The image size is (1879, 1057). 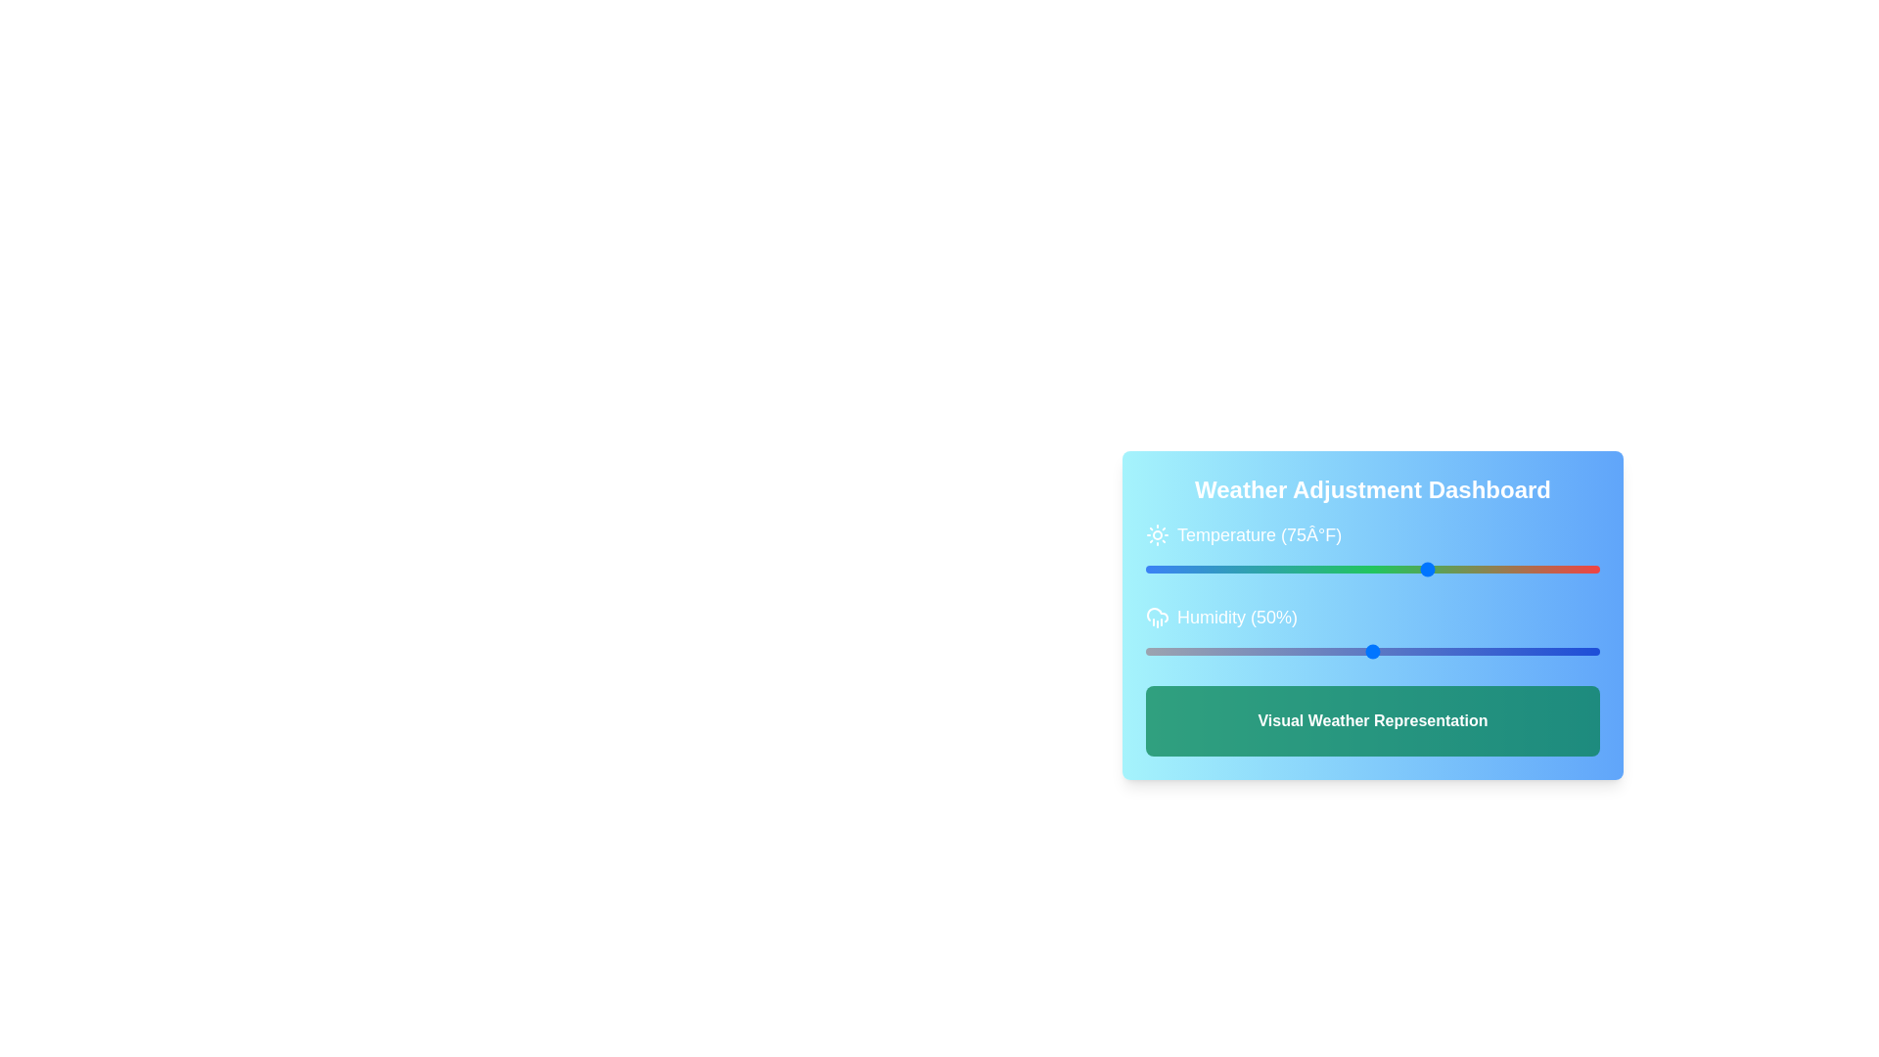 What do you see at coordinates (1466, 570) in the screenshot?
I see `the temperature slider to 91 degrees Fahrenheit` at bounding box center [1466, 570].